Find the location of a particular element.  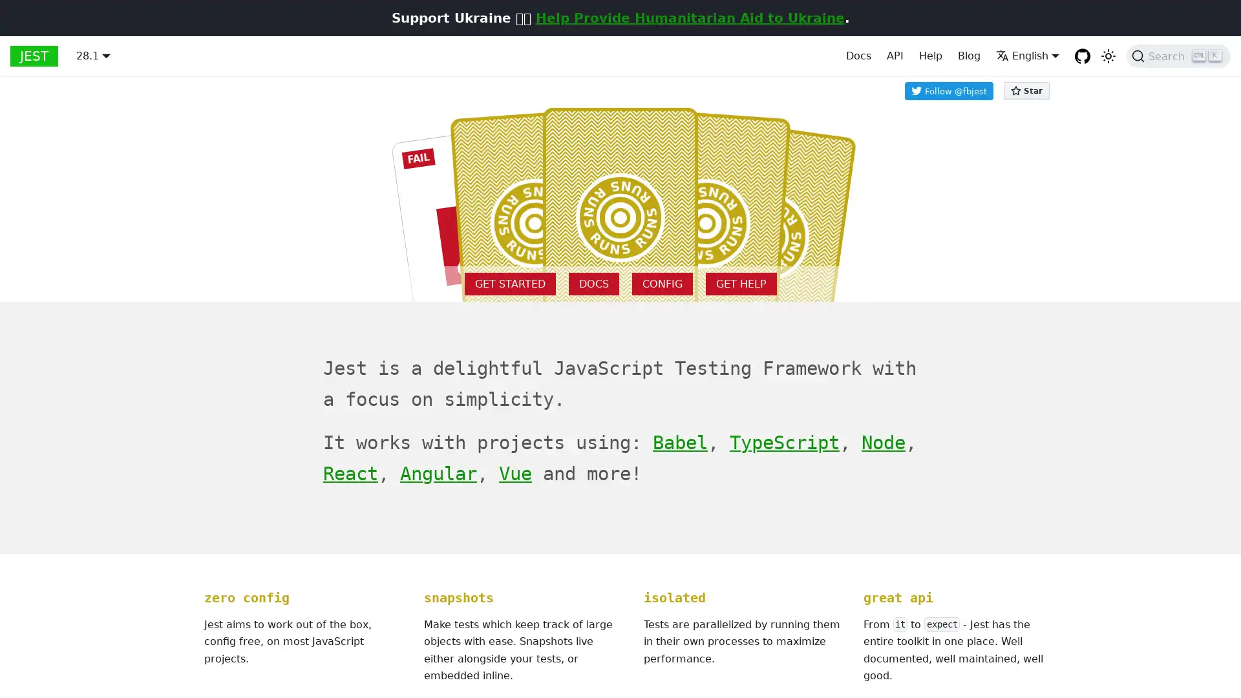

Switch between dark and light mode (currently light mode) is located at coordinates (1107, 56).